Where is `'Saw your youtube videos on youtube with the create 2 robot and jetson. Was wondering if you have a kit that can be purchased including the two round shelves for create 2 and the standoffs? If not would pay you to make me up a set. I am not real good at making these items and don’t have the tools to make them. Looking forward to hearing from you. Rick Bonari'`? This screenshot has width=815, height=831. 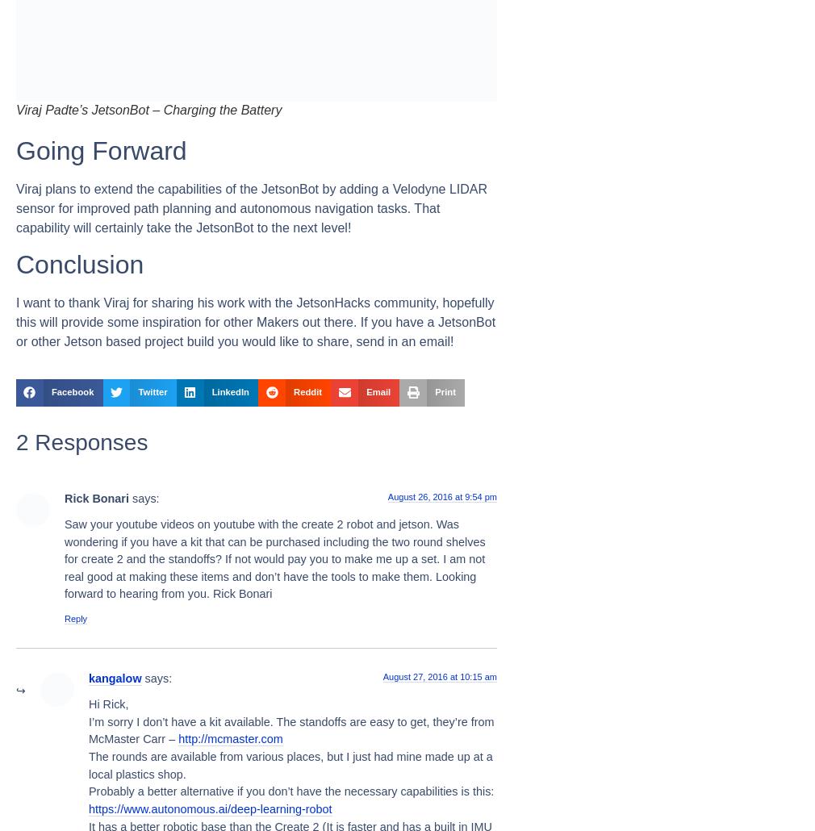
'Saw your youtube videos on youtube with the create 2 robot and jetson. Was wondering if you have a kit that can be purchased including the two round shelves for create 2 and the standoffs? If not would pay you to make me up a set. I am not real good at making these items and don’t have the tools to make them. Looking forward to hearing from you. Rick Bonari' is located at coordinates (274, 558).